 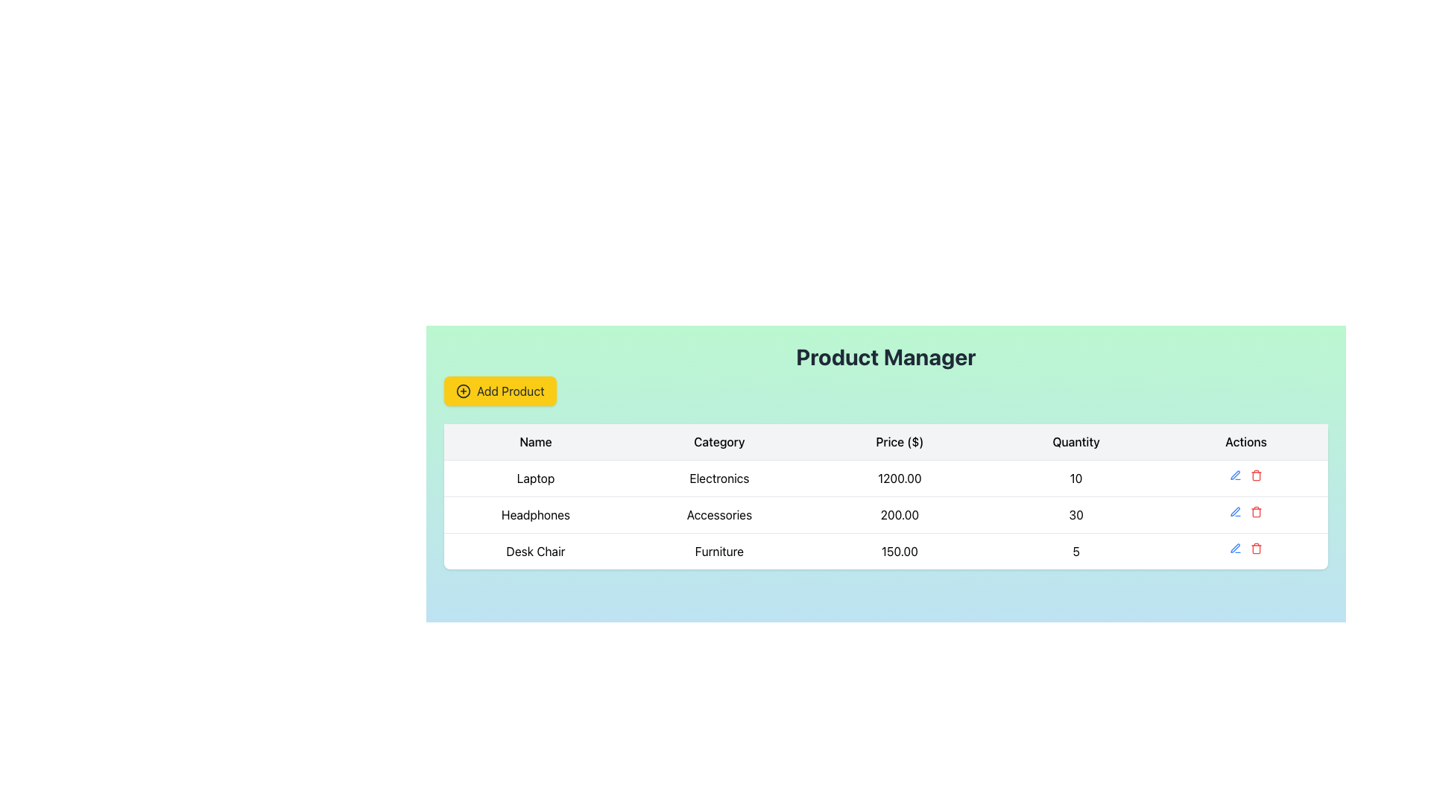 What do you see at coordinates (899, 551) in the screenshot?
I see `the price text '150.00' which is displayed in bold sans-serif font in the third column of the row labeled 'Desk Chair' in the product list` at bounding box center [899, 551].